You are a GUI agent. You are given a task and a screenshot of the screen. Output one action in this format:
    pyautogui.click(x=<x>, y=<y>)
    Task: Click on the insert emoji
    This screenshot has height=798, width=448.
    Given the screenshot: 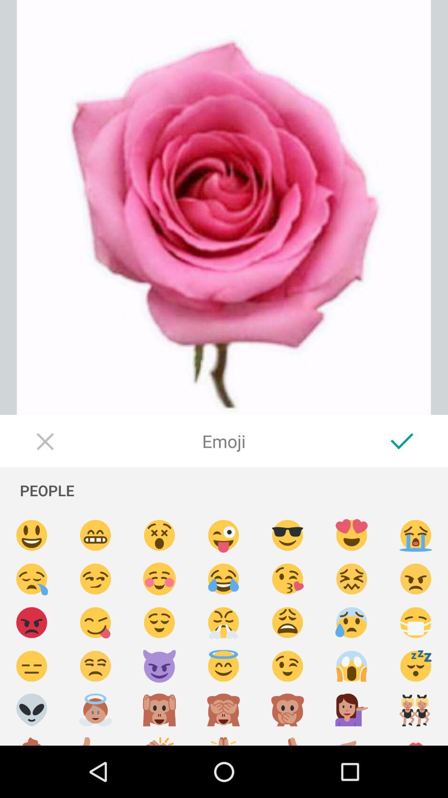 What is the action you would take?
    pyautogui.click(x=95, y=579)
    